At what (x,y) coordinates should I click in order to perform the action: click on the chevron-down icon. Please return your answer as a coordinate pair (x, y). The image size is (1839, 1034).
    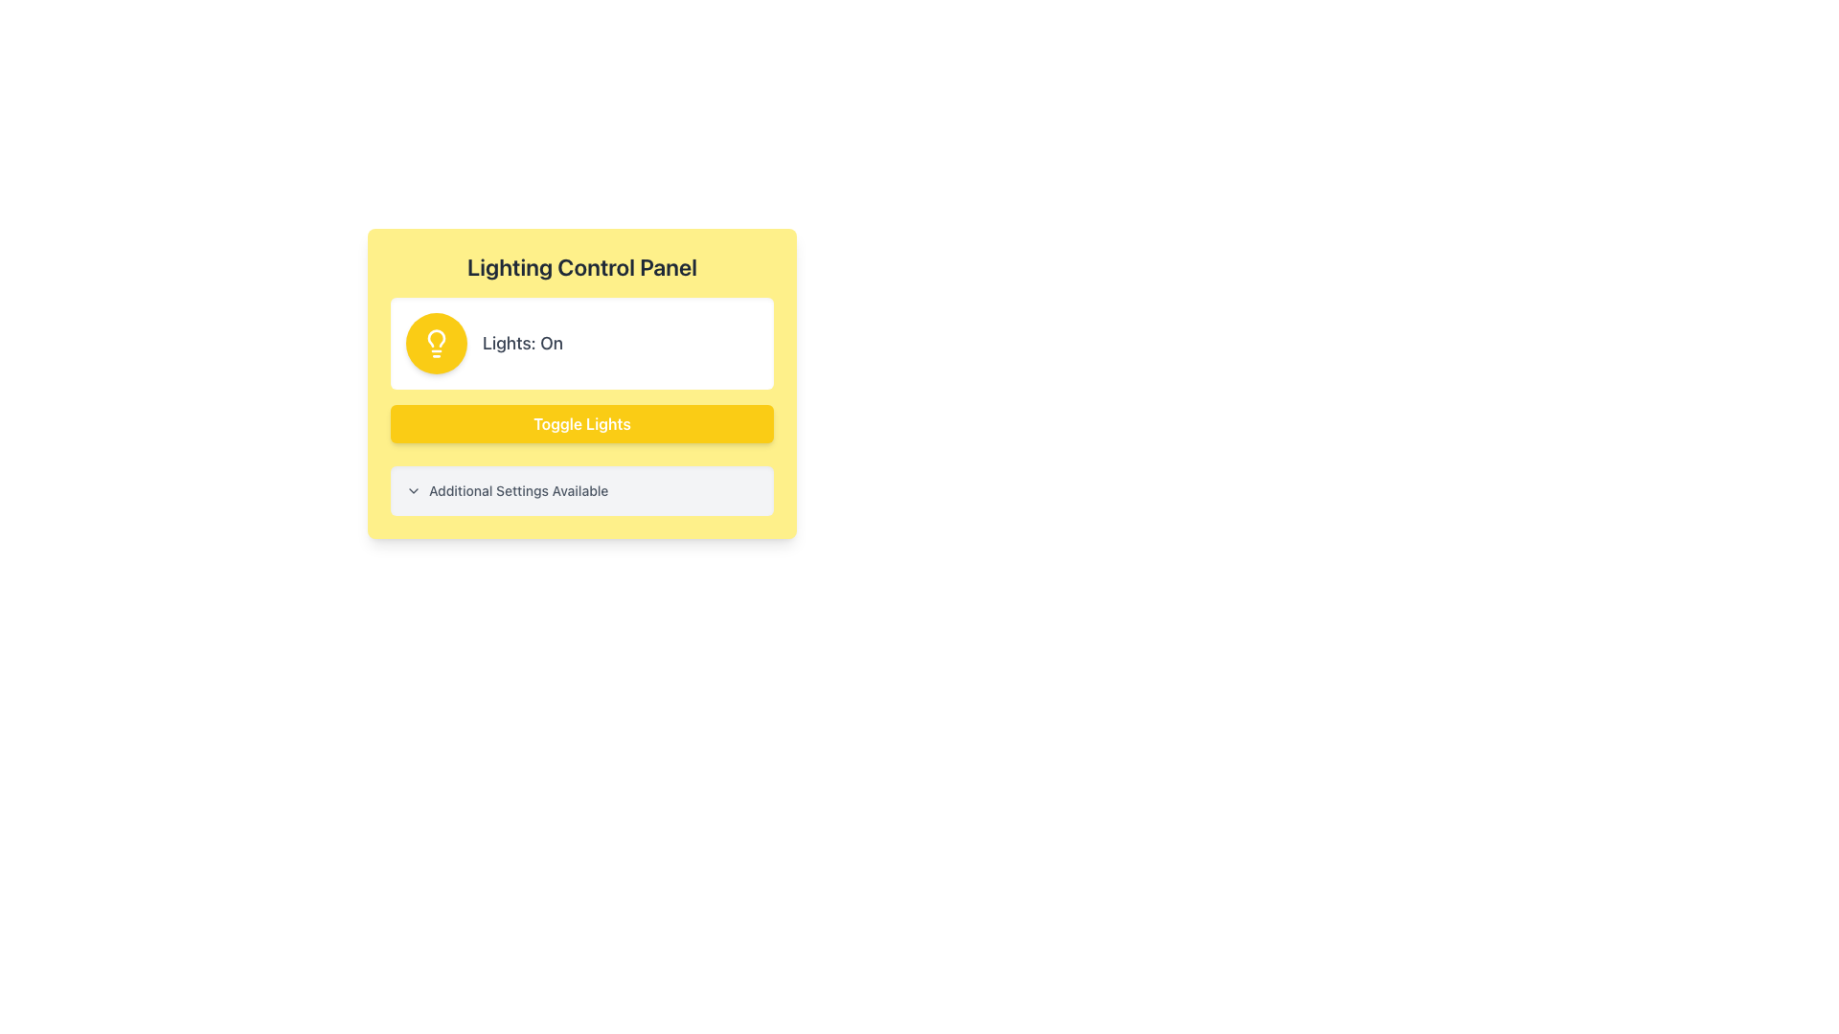
    Looking at the image, I should click on (413, 490).